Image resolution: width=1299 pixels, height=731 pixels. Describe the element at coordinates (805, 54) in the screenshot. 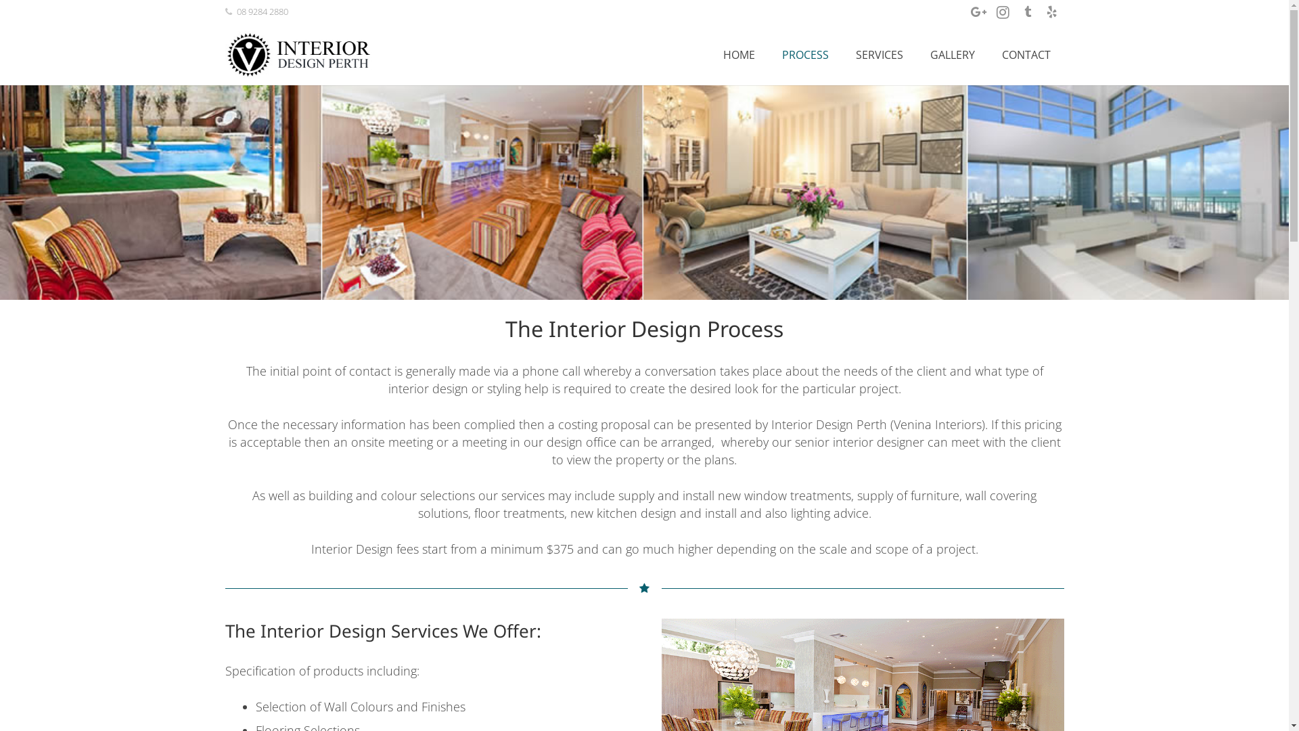

I see `'PROCESS'` at that location.